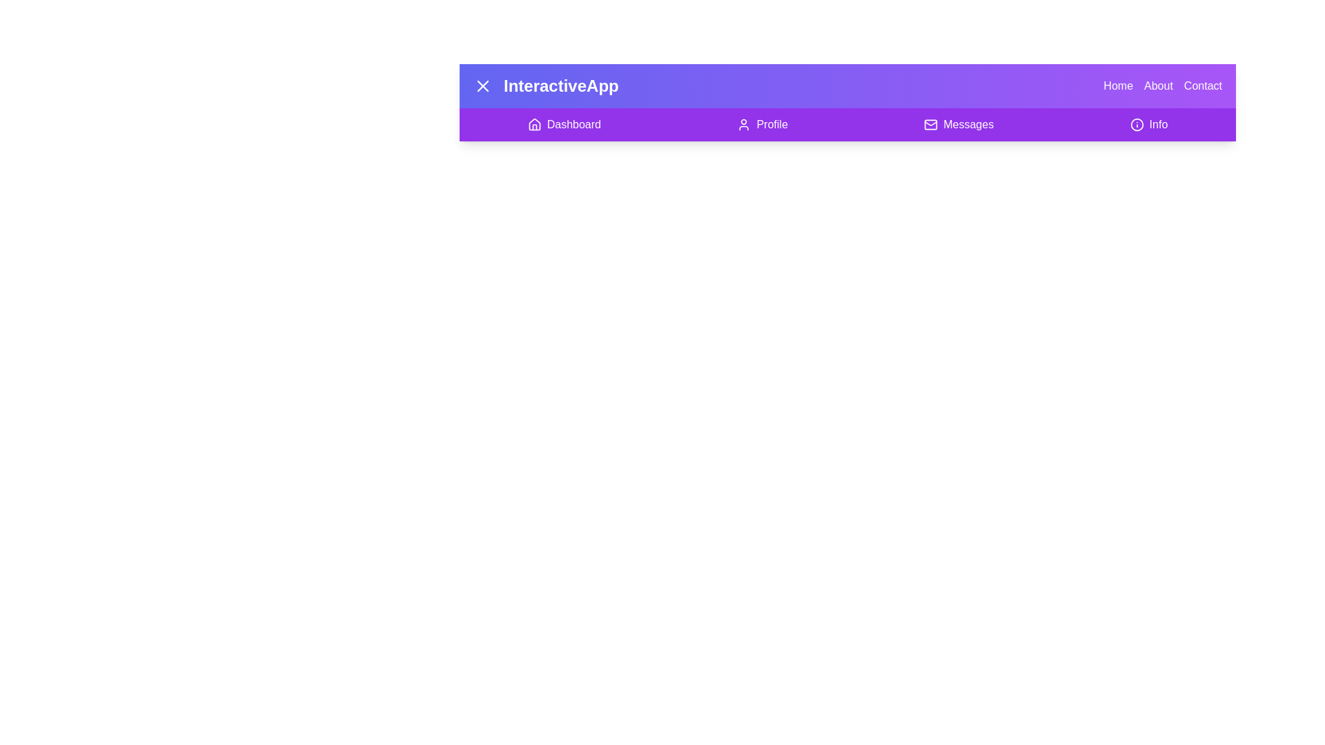  I want to click on the button labeled Contact to observe its hover effect, so click(1202, 86).